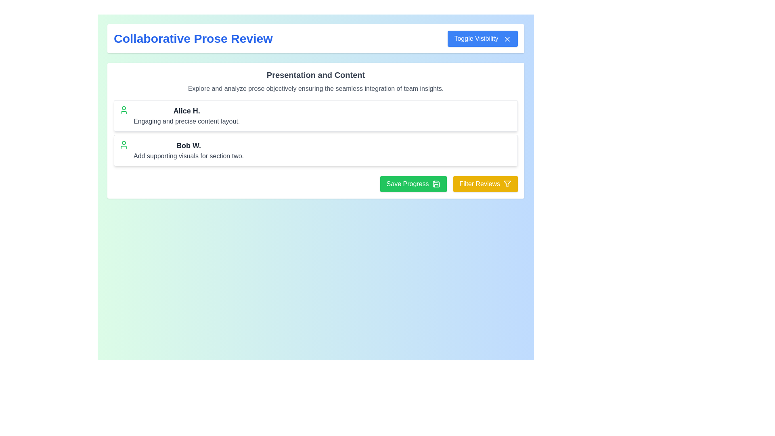 The image size is (775, 436). Describe the element at coordinates (193, 39) in the screenshot. I see `the Text Label displaying 'Collaborative Prose Review' in a large, bold blue font, located in the upper-left corner of the page above the 'Toggle Visibility' button` at that location.